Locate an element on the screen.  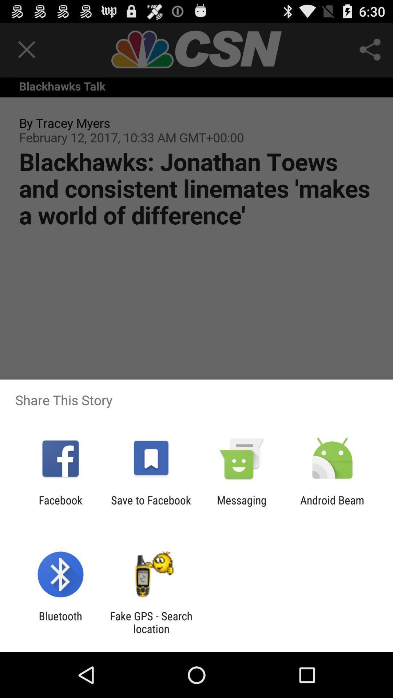
the item next to facebook icon is located at coordinates (151, 506).